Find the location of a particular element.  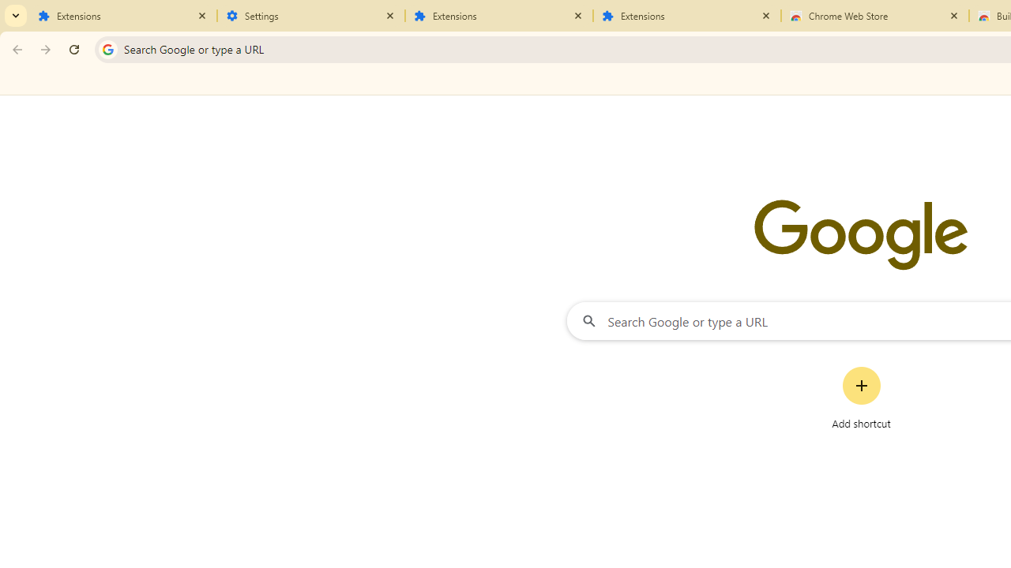

'Add shortcut' is located at coordinates (860, 398).